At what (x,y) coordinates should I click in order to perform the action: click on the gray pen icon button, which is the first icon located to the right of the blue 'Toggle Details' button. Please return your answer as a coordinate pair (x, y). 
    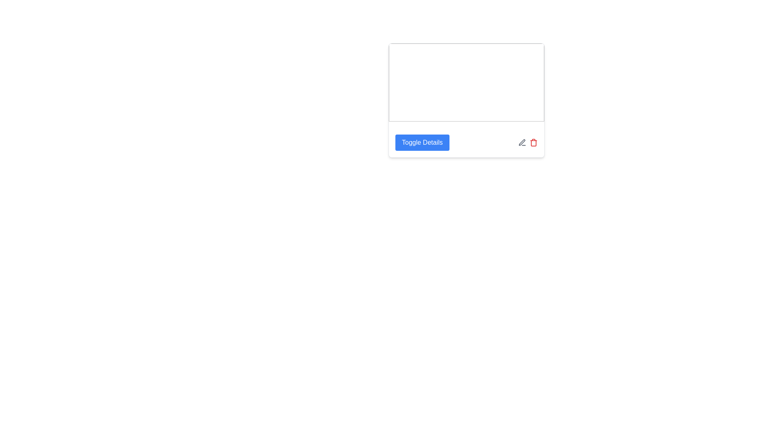
    Looking at the image, I should click on (522, 142).